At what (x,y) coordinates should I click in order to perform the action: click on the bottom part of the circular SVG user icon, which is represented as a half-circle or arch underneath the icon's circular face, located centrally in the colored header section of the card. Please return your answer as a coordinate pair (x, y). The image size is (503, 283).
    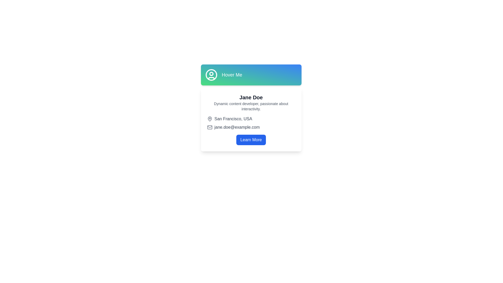
    Looking at the image, I should click on (211, 78).